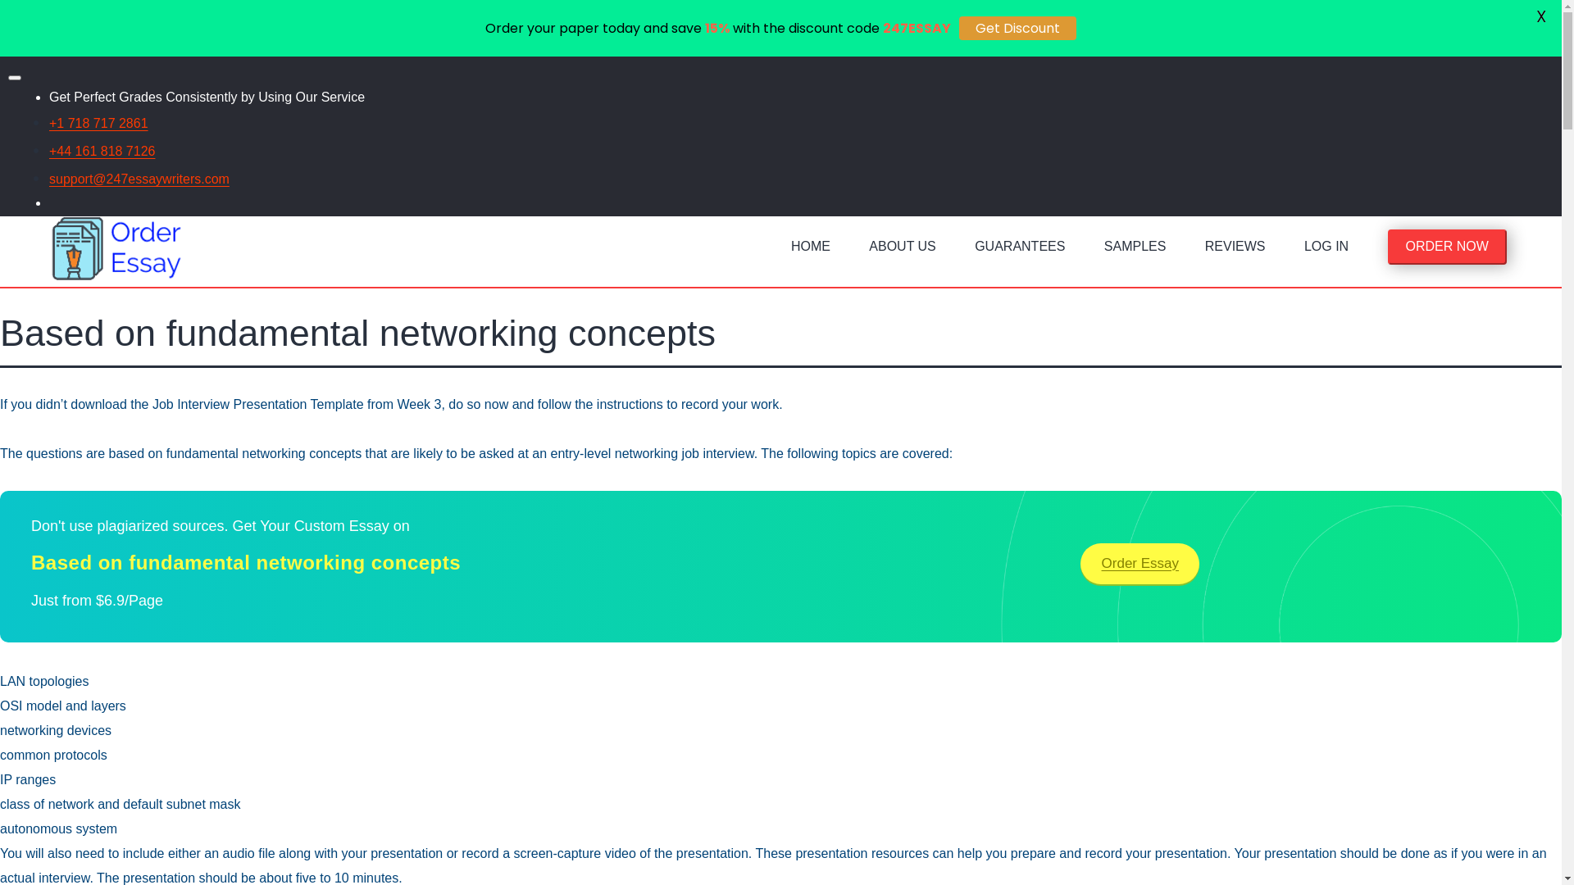 The height and width of the screenshot is (885, 1574). What do you see at coordinates (1135, 251) in the screenshot?
I see `'SAMPLES'` at bounding box center [1135, 251].